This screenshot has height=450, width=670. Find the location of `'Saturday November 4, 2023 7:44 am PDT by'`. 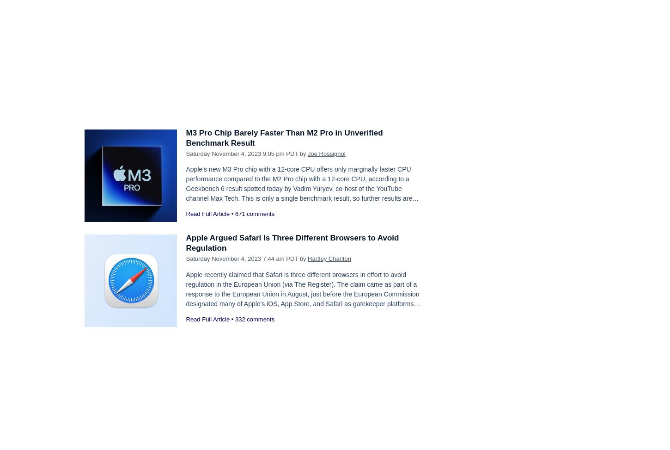

'Saturday November 4, 2023 7:44 am PDT by' is located at coordinates (185, 259).